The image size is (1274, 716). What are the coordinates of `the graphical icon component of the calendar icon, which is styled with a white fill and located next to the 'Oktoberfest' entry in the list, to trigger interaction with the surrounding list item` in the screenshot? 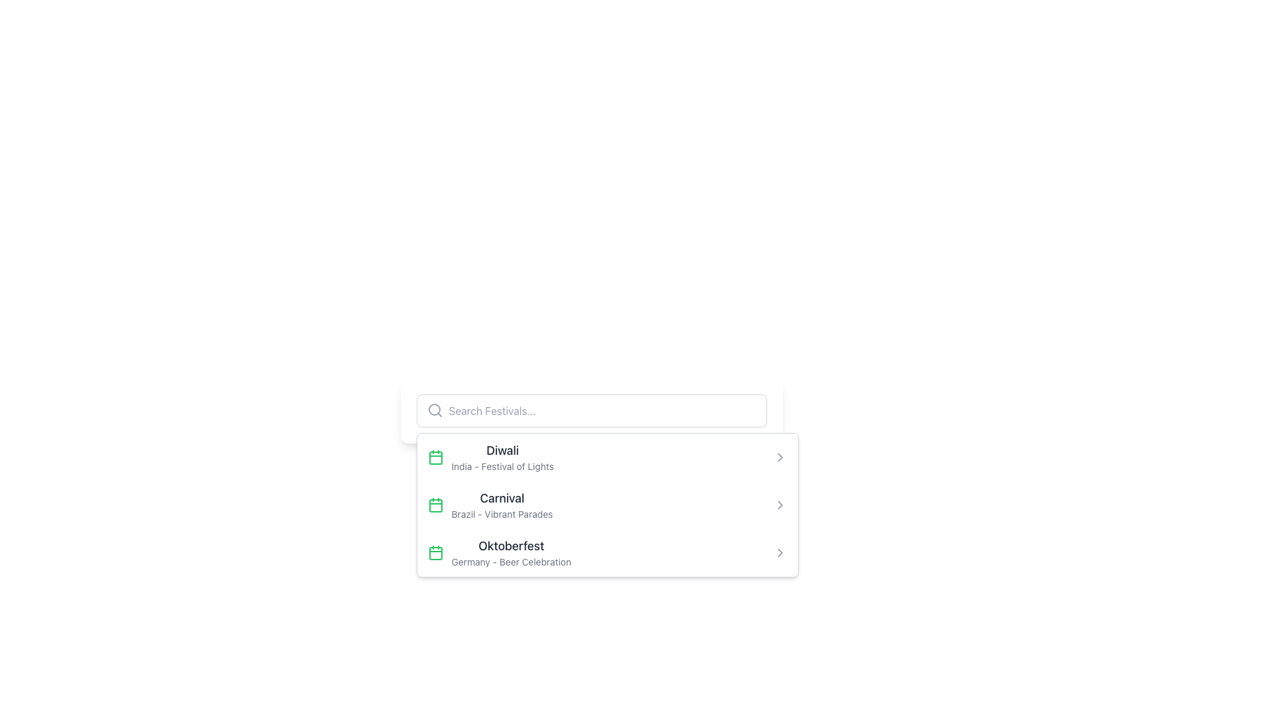 It's located at (435, 553).